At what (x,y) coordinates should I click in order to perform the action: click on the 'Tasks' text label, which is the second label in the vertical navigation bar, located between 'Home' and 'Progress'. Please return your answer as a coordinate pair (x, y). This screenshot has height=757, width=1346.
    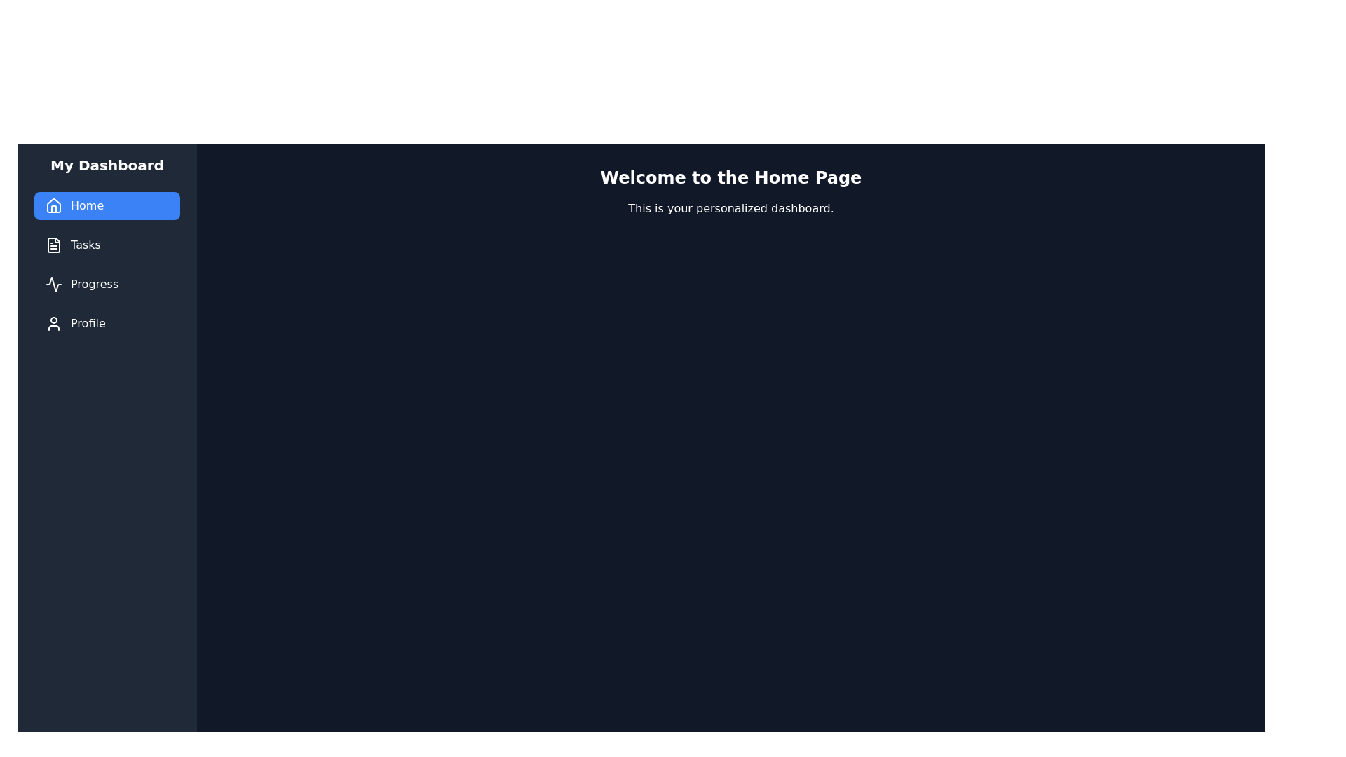
    Looking at the image, I should click on (85, 245).